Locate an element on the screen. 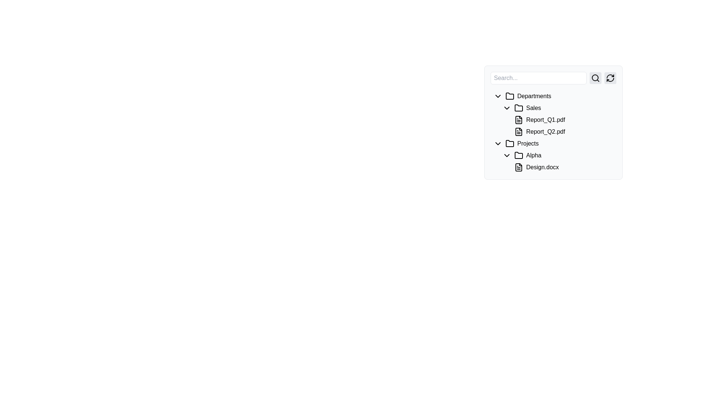 Image resolution: width=712 pixels, height=400 pixels. the document file icon located next to the label 'Design.docx' is located at coordinates (518, 167).